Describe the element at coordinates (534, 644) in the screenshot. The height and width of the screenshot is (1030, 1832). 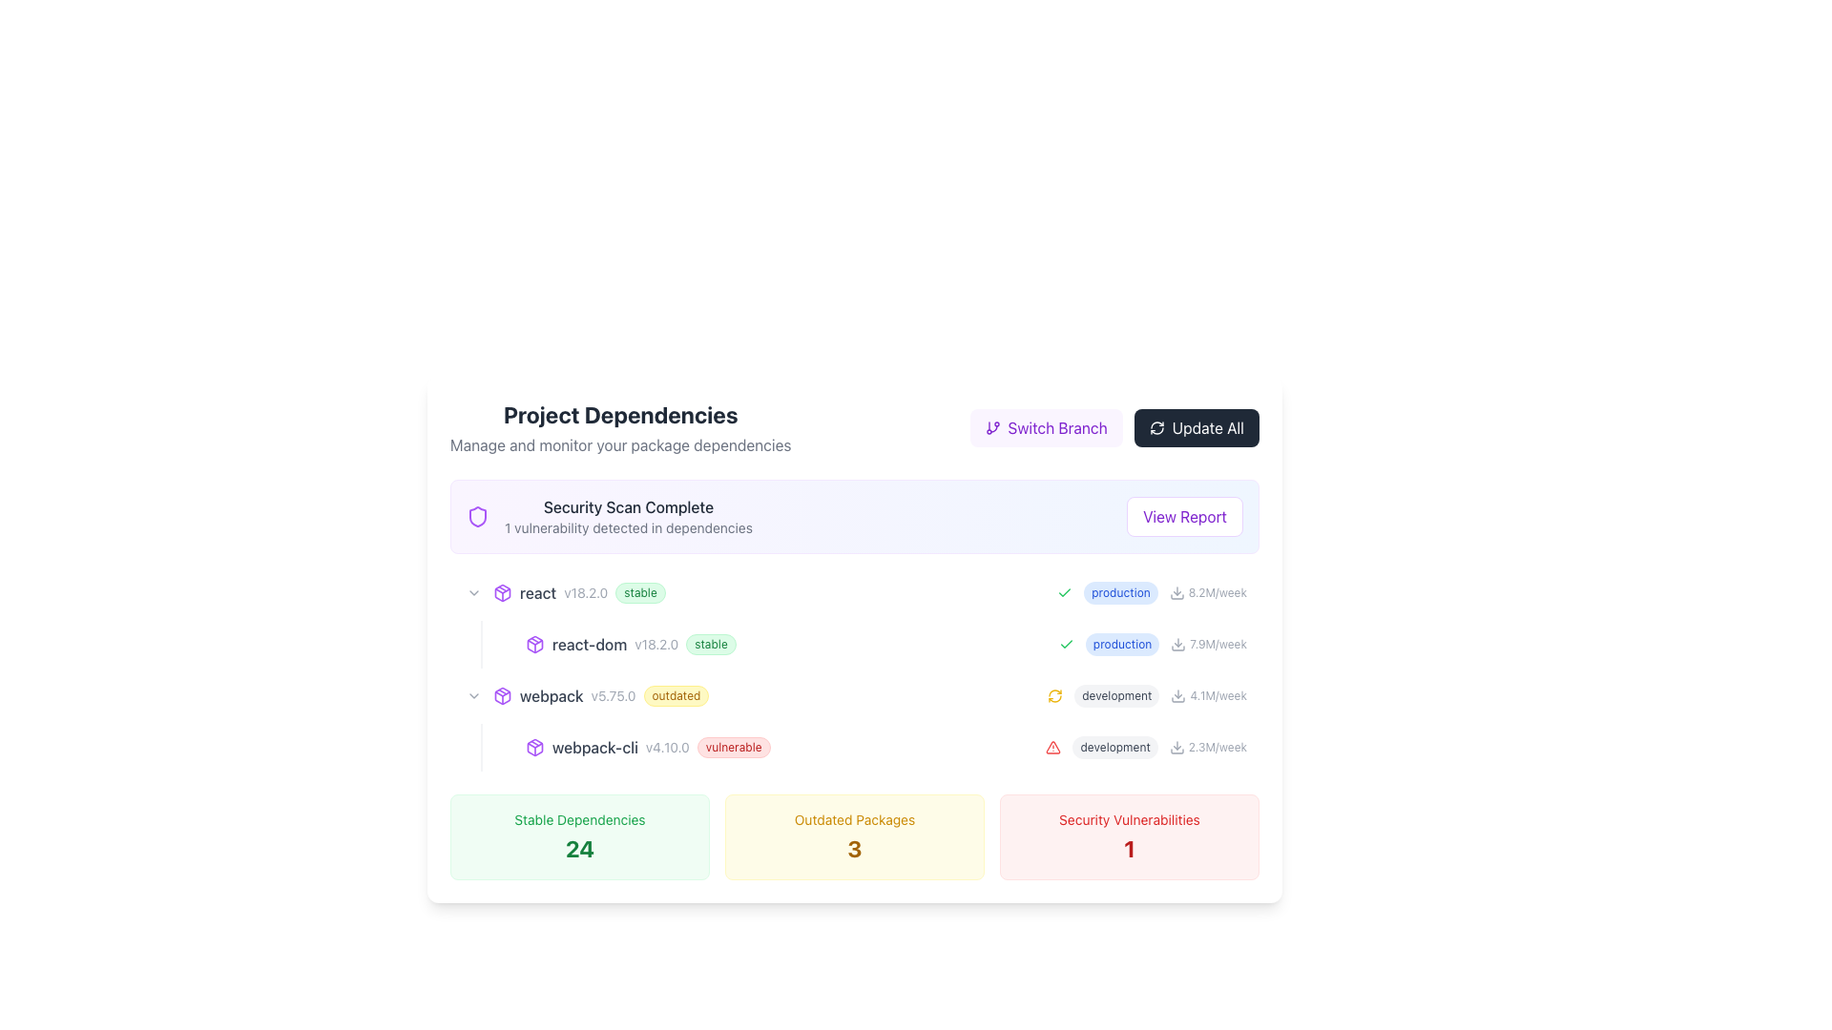
I see `the Icon graphic representing a software package or dependency located beside the listing of React-related dependencies in the project management interface` at that location.